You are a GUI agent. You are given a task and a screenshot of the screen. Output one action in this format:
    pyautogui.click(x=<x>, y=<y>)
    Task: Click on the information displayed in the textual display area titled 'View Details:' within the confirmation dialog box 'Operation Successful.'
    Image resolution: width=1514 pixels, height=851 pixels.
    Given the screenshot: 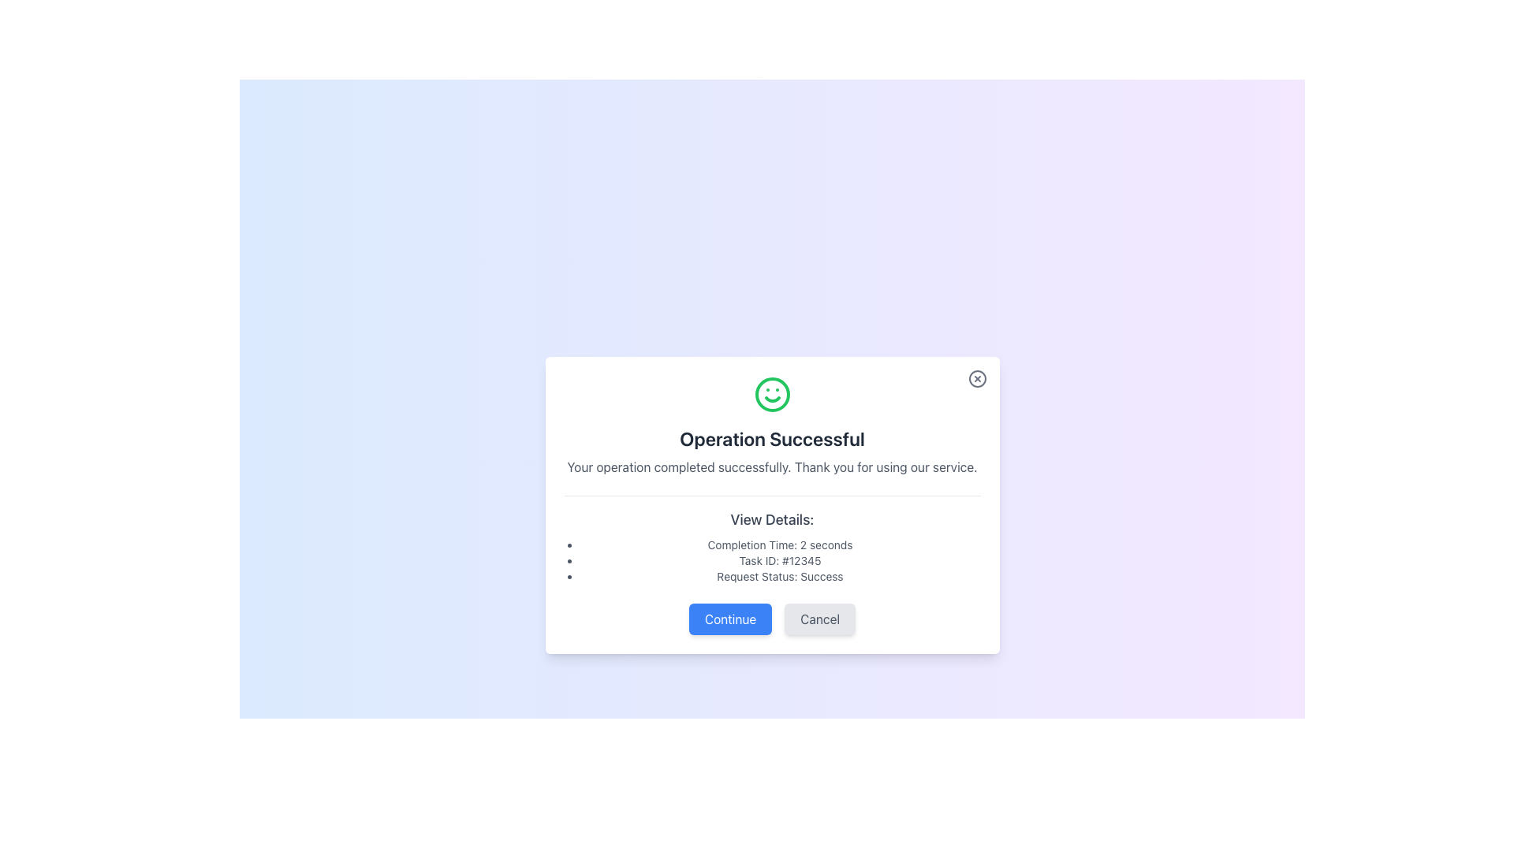 What is the action you would take?
    pyautogui.click(x=772, y=539)
    